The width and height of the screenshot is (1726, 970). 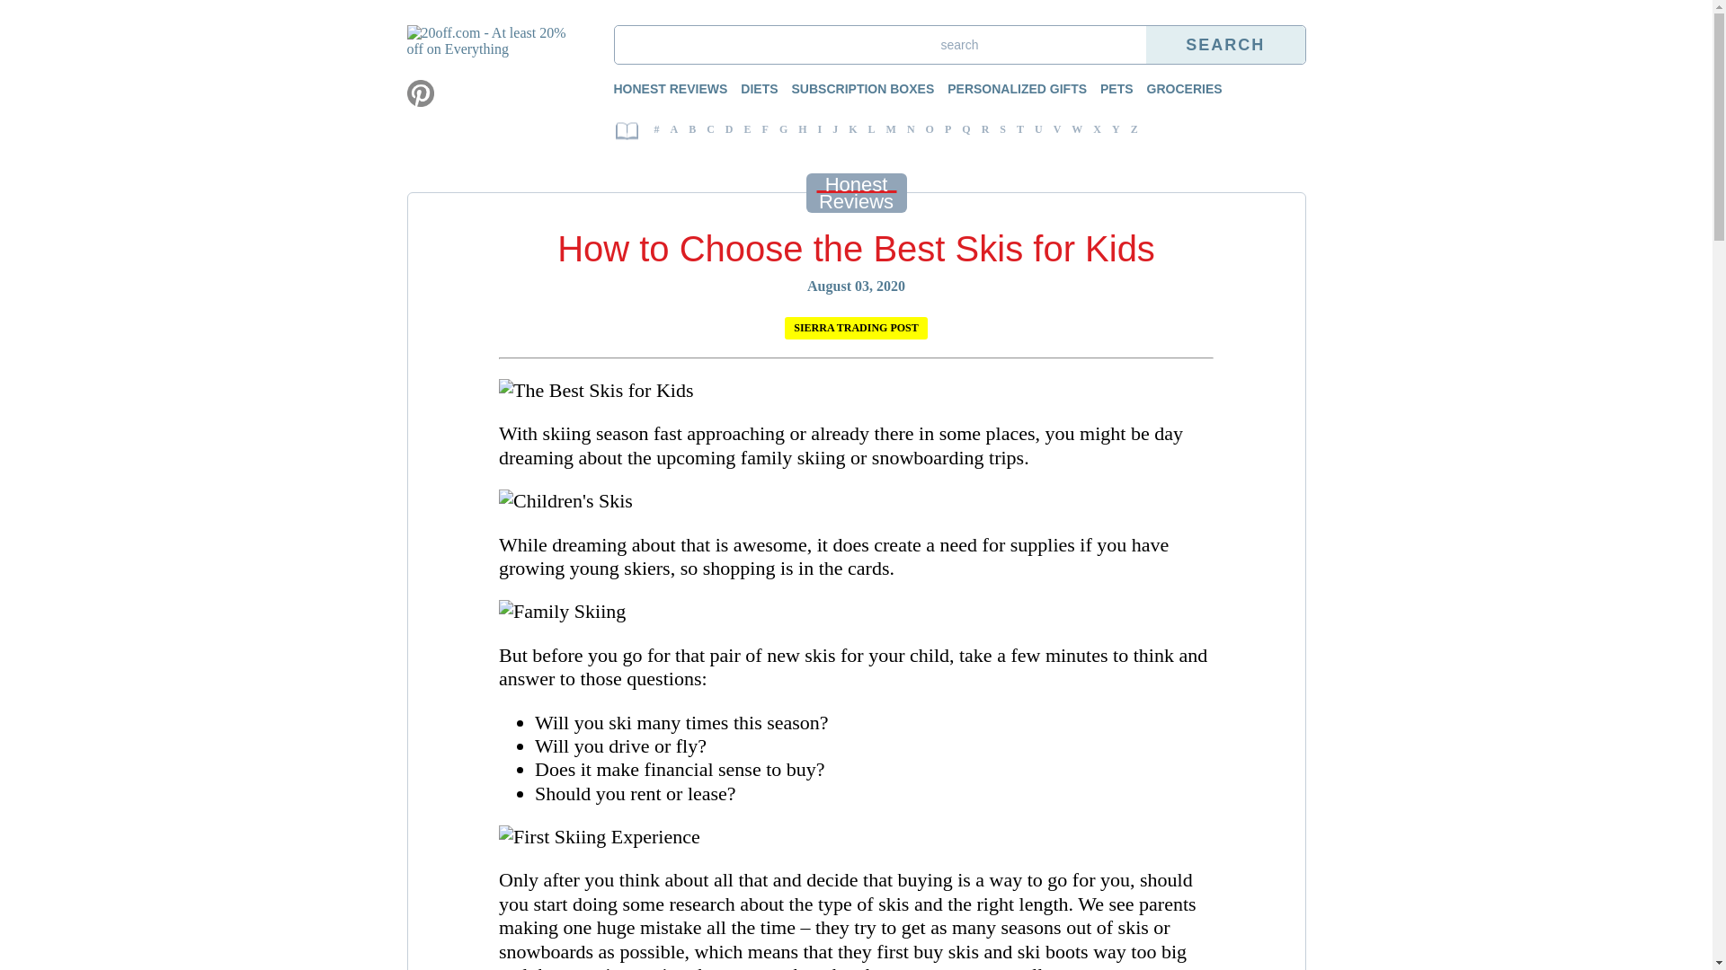 What do you see at coordinates (709, 128) in the screenshot?
I see `'C'` at bounding box center [709, 128].